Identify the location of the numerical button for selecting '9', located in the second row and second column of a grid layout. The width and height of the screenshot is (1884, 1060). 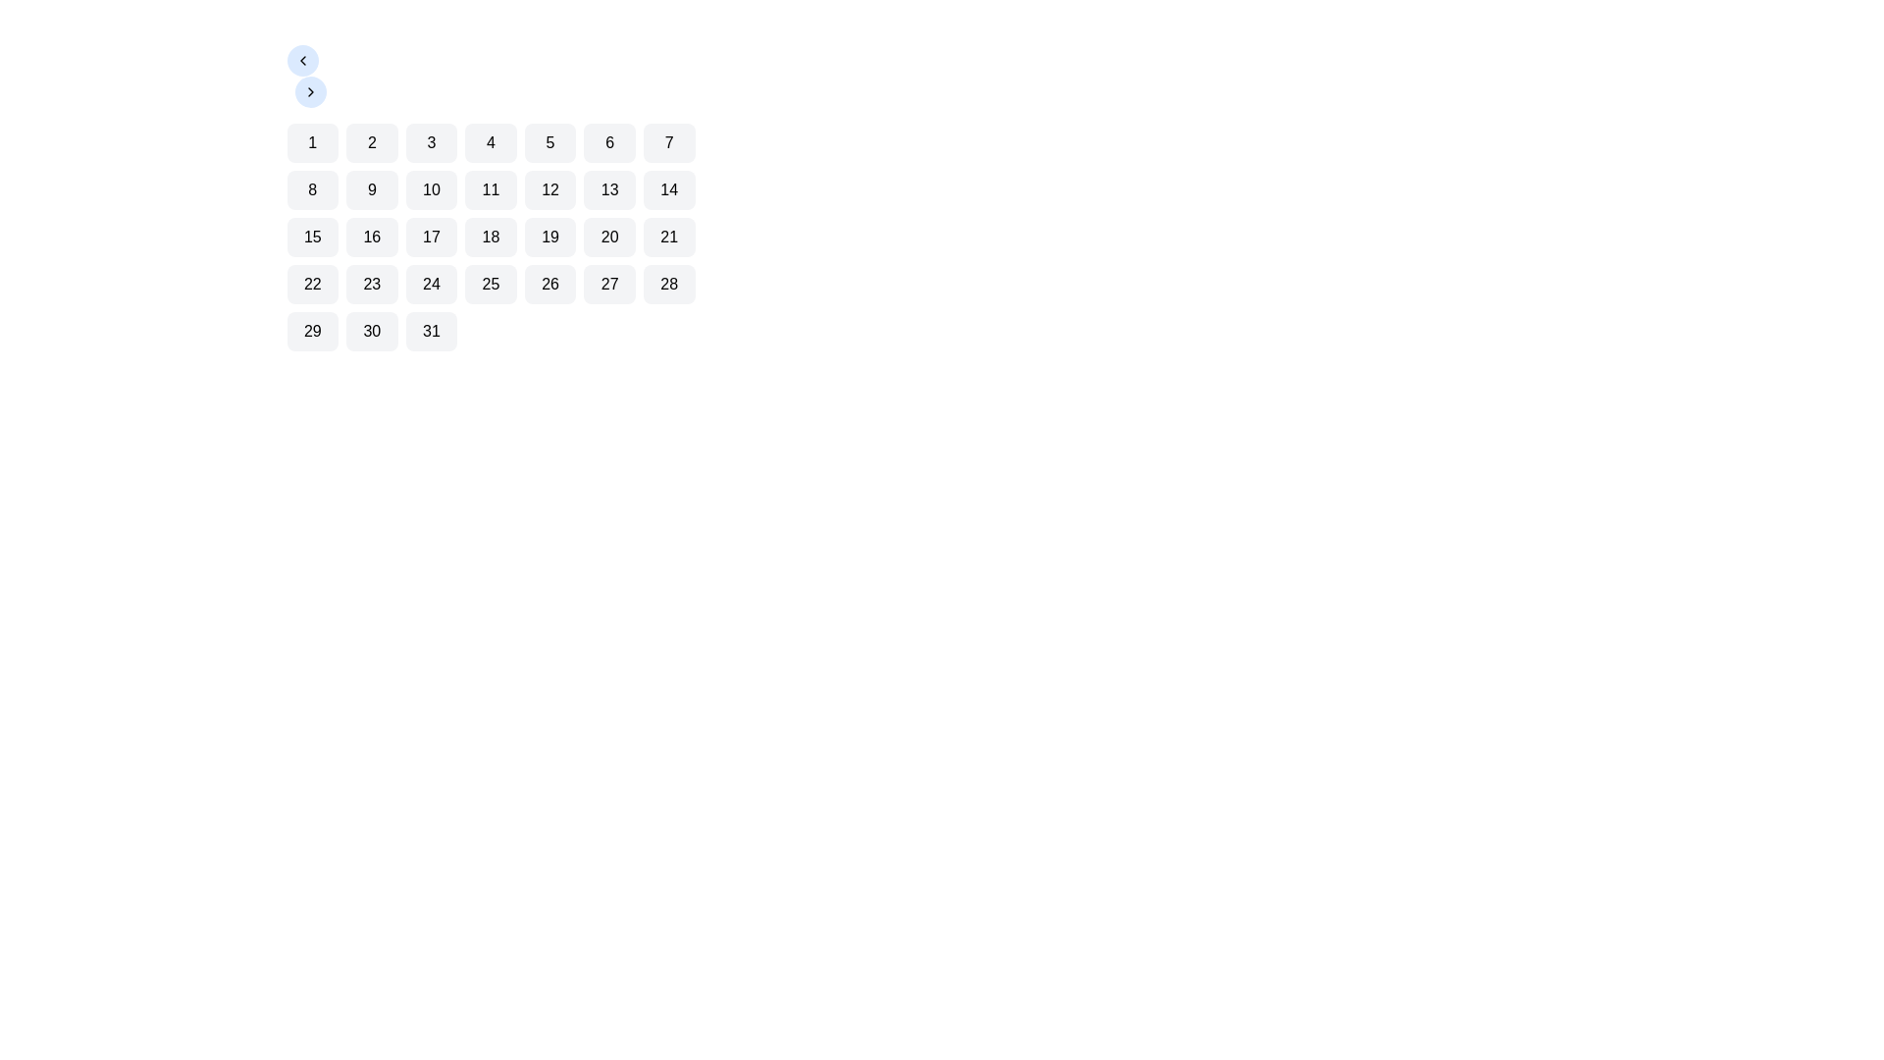
(372, 189).